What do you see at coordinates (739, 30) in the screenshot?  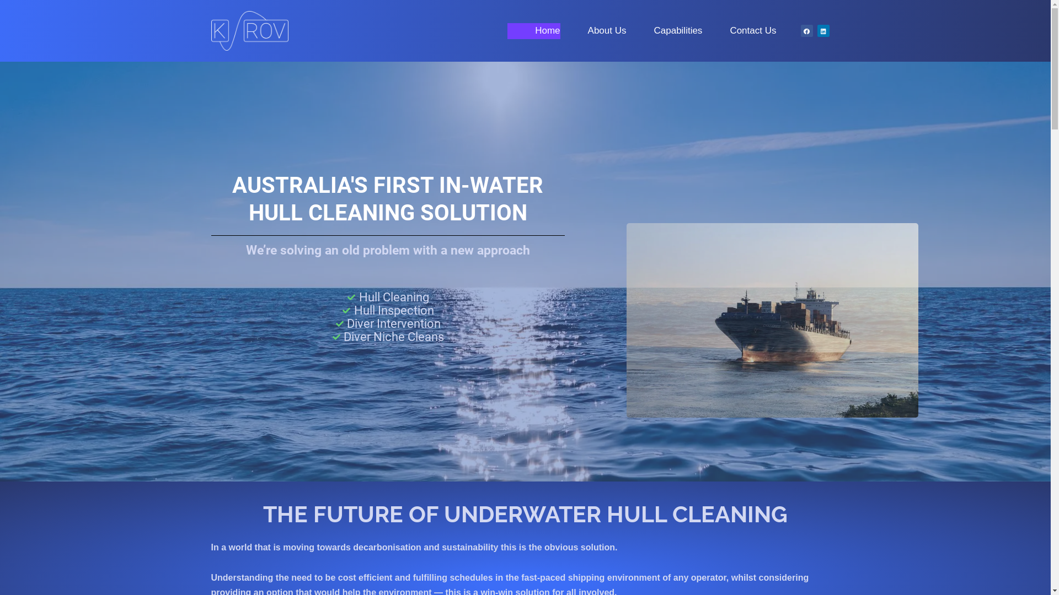 I see `'Contact Us'` at bounding box center [739, 30].